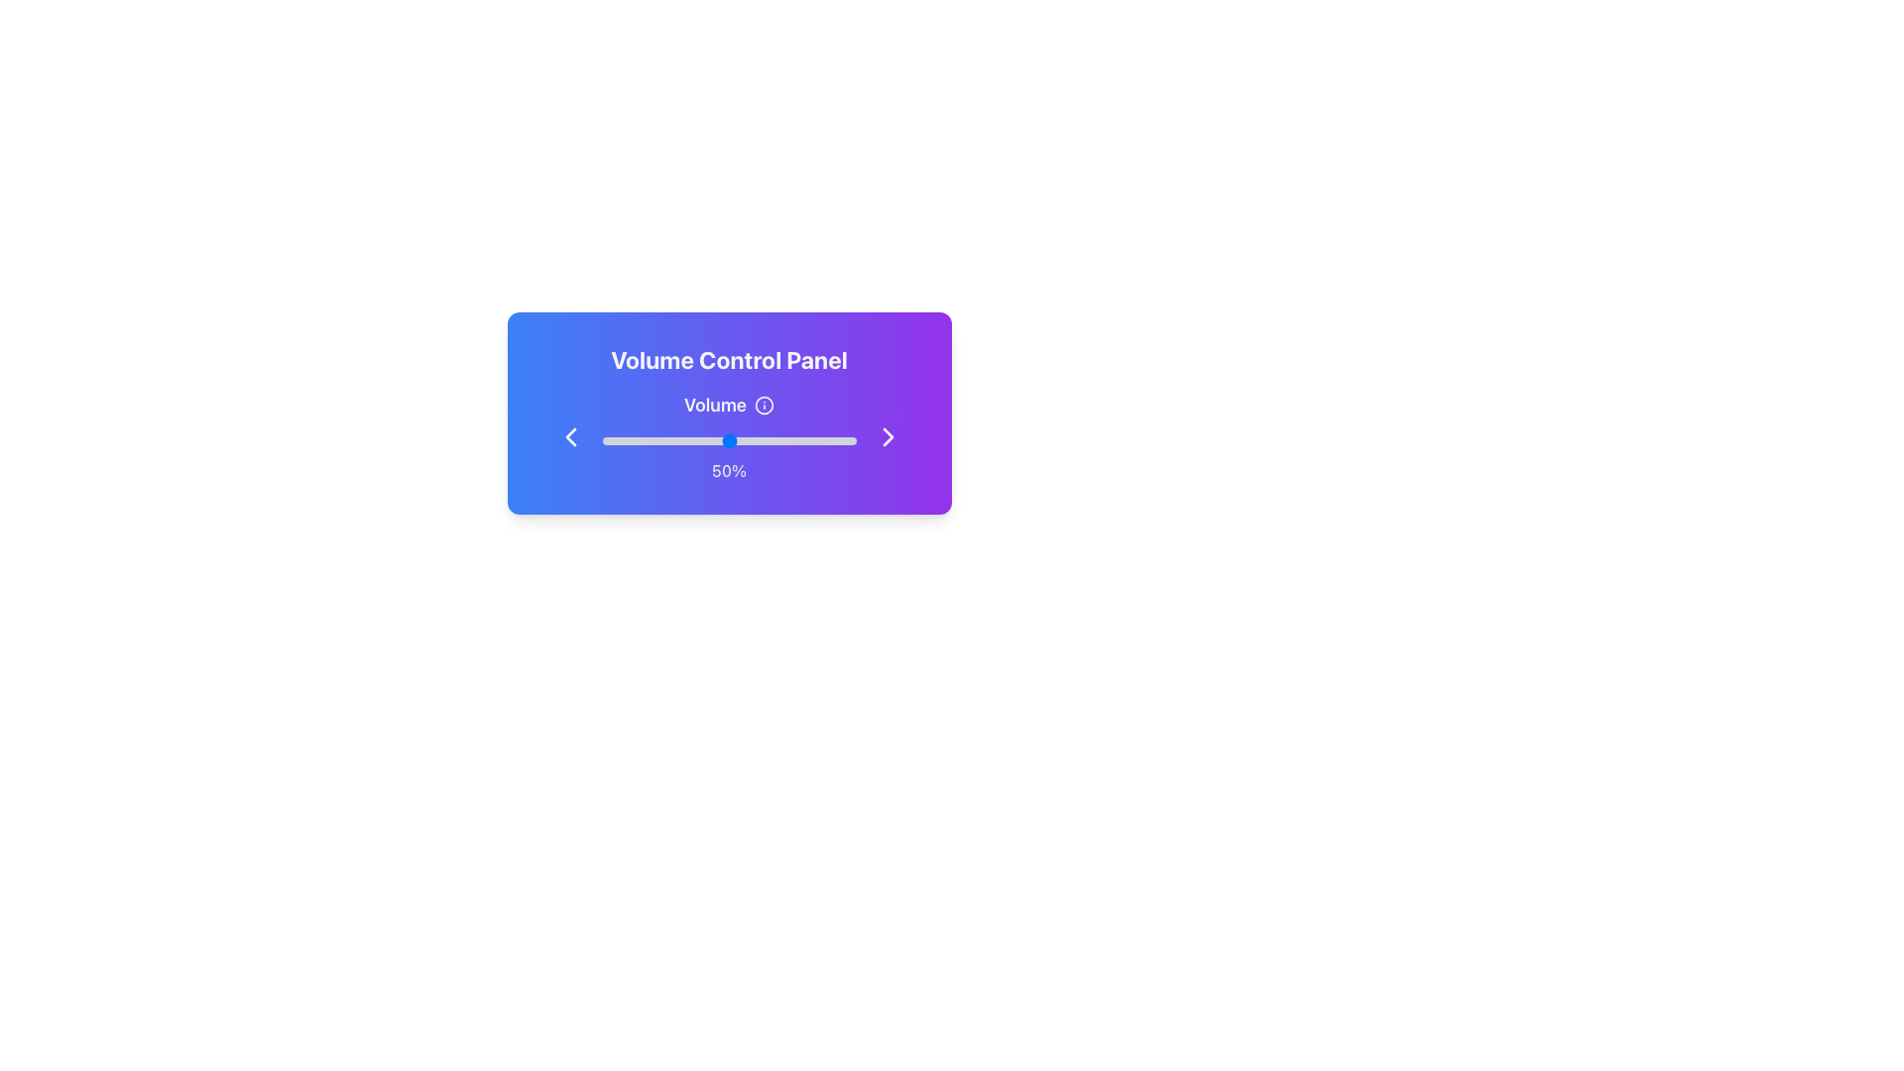 The image size is (1904, 1071). What do you see at coordinates (728, 455) in the screenshot?
I see `the '50%' percentage text displayed in white on a gradient background, located at the bottom center of the volume control slider component` at bounding box center [728, 455].